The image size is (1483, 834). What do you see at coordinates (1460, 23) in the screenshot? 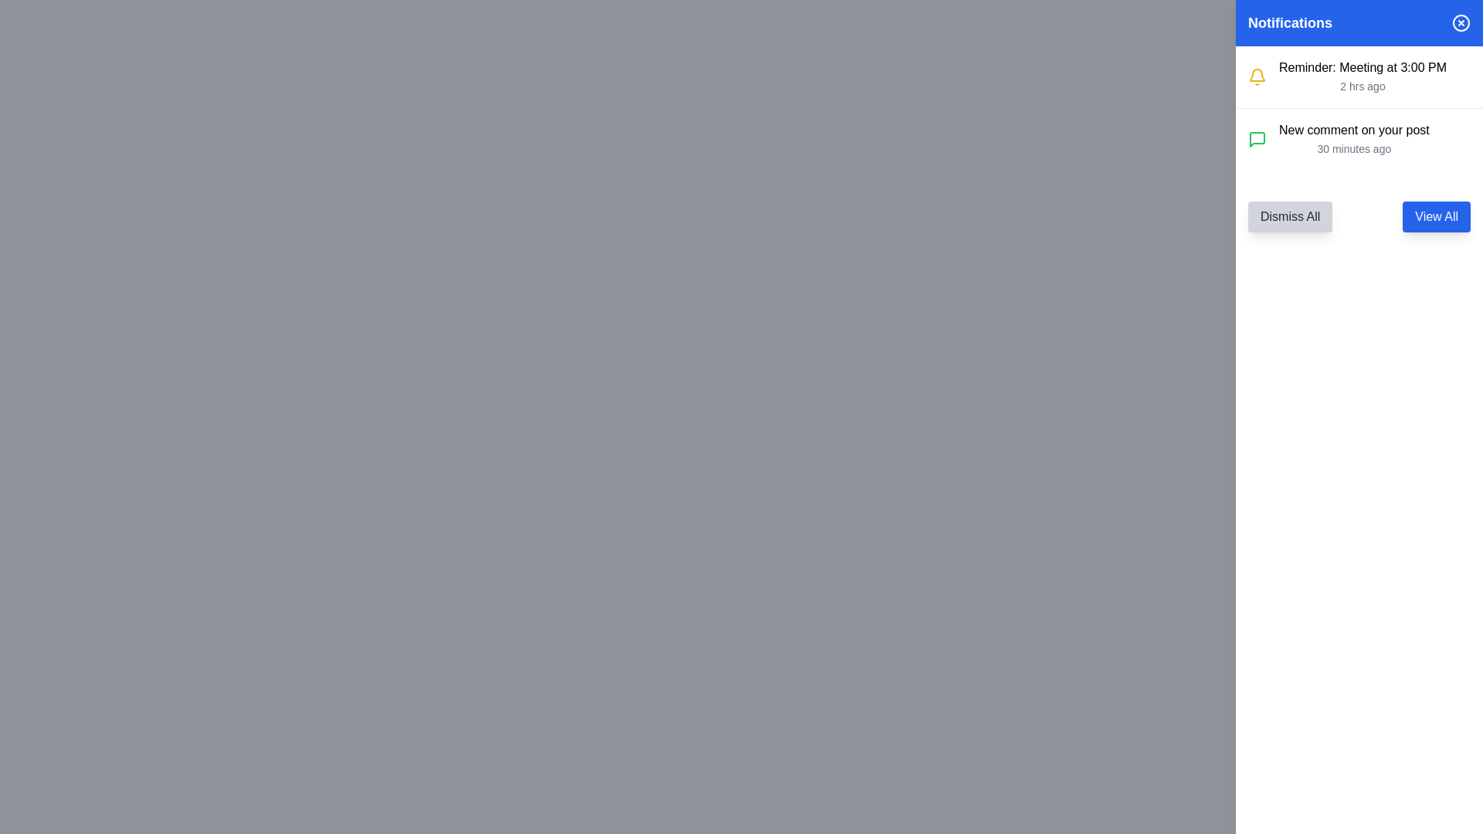
I see `the decorative vector graphic circle located at the top-right corner of the notifications panel, which likely serves as a close or dismiss button` at bounding box center [1460, 23].